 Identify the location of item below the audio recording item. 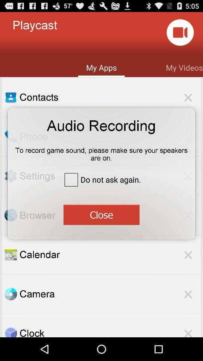
(101, 151).